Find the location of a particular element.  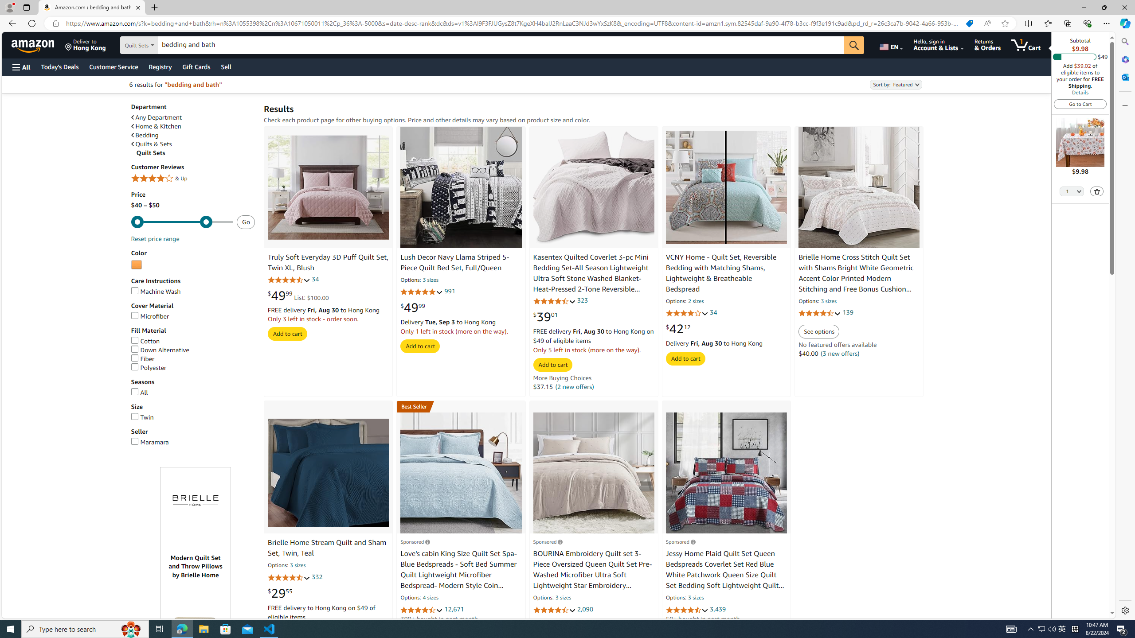

'Reset price range' is located at coordinates (154, 239).